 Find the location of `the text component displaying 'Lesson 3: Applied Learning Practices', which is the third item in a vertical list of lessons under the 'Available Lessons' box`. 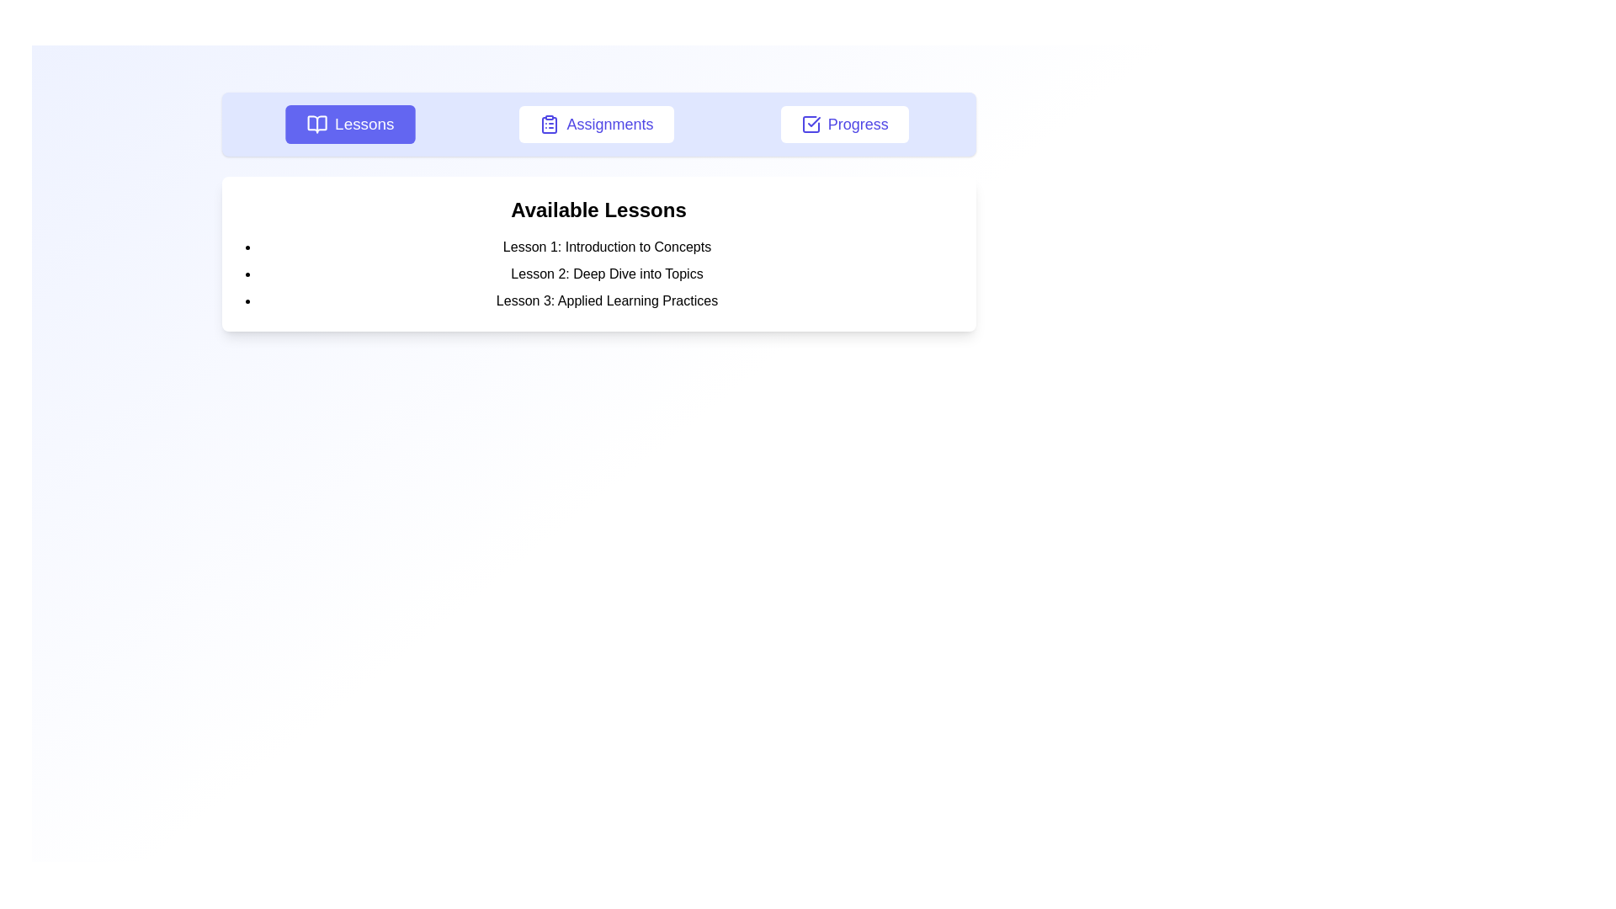

the text component displaying 'Lesson 3: Applied Learning Practices', which is the third item in a vertical list of lessons under the 'Available Lessons' box is located at coordinates (606, 300).